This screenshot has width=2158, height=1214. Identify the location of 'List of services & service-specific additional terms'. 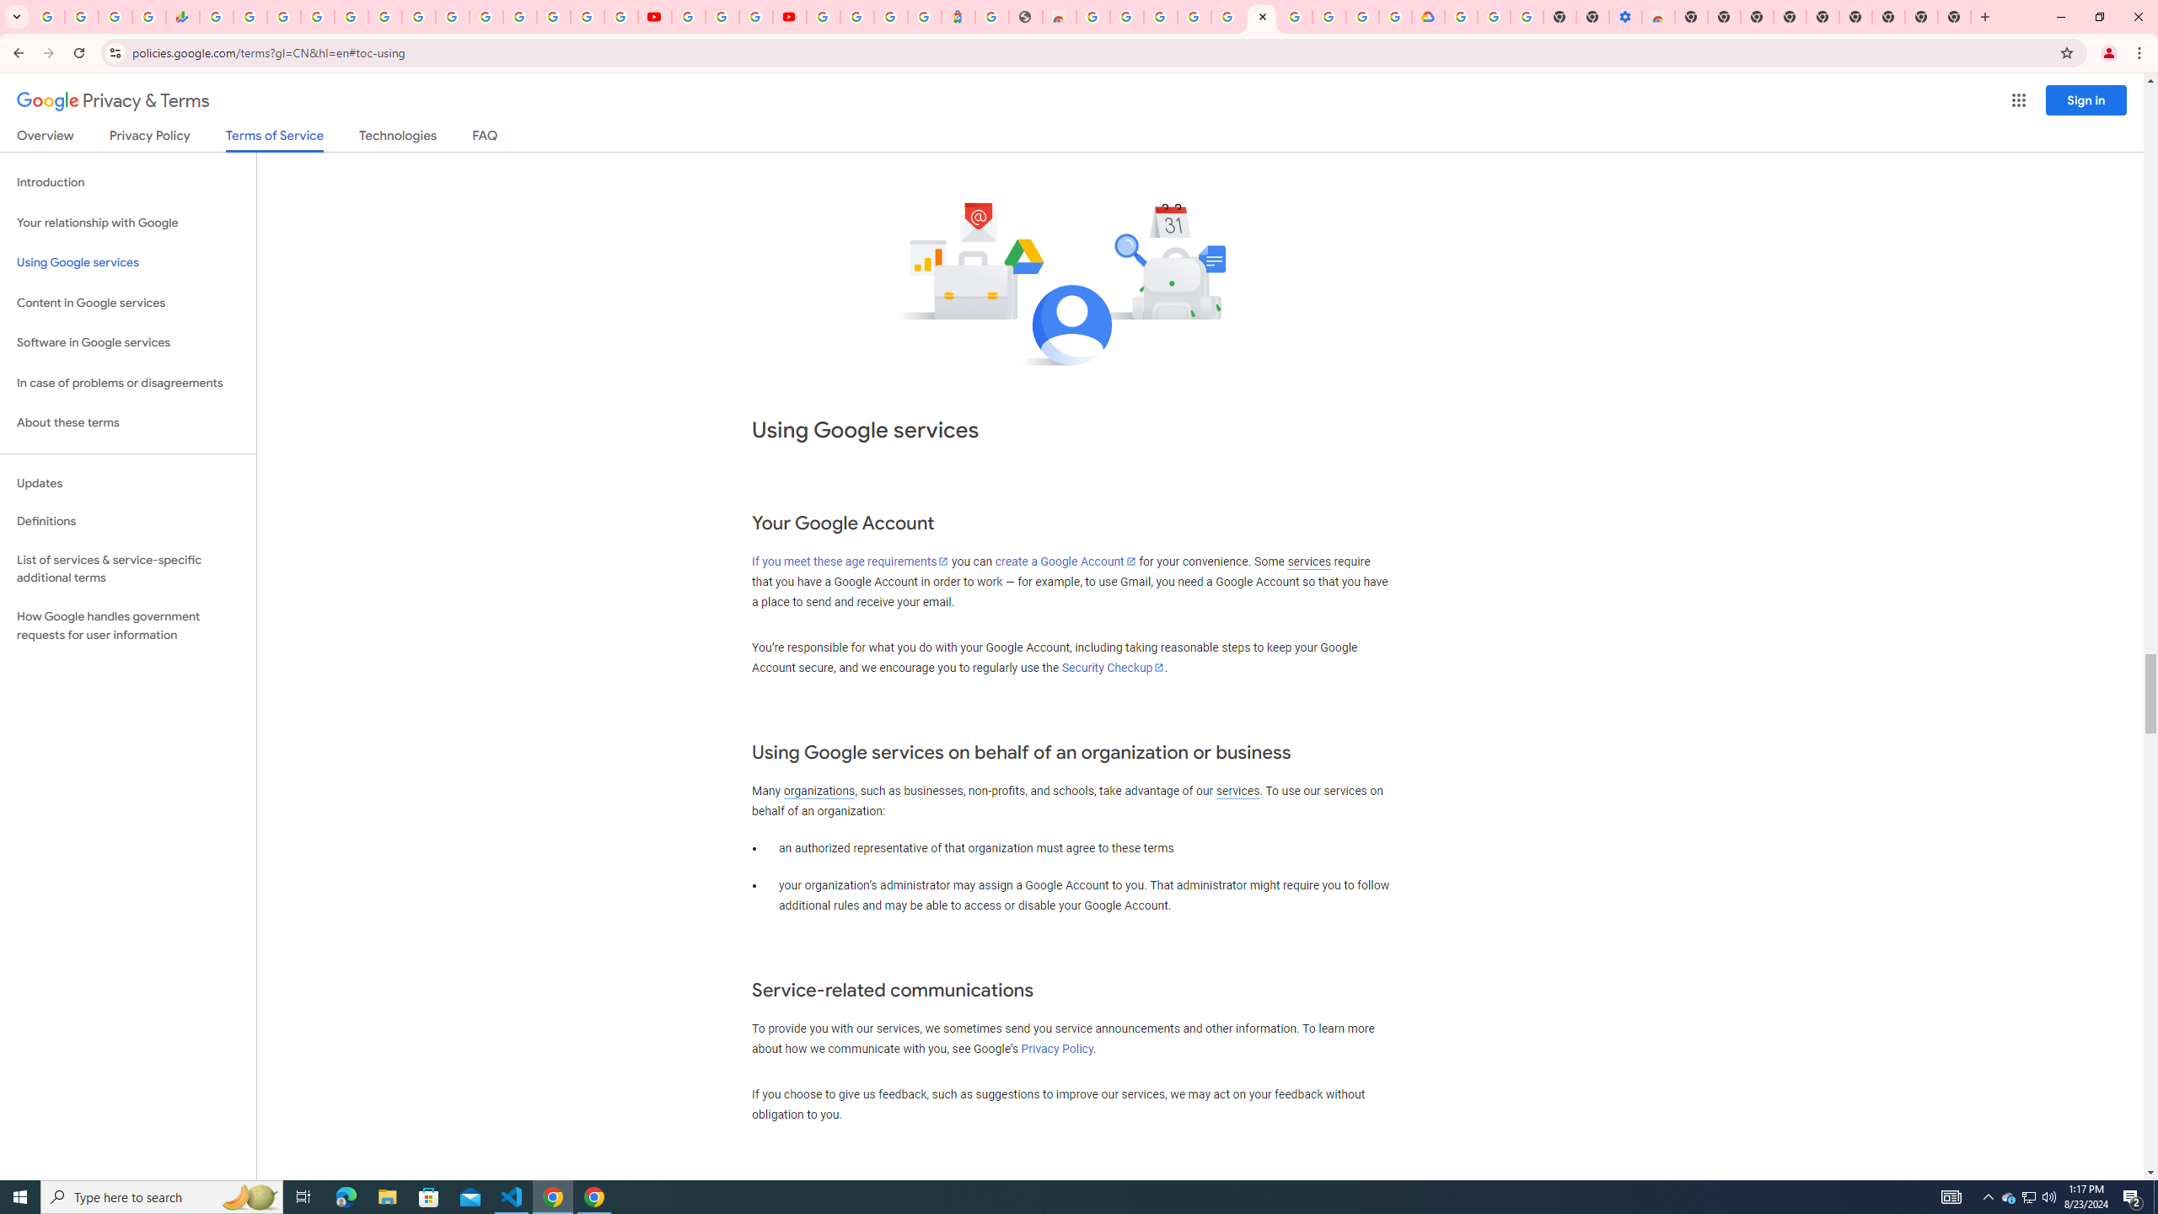
(127, 568).